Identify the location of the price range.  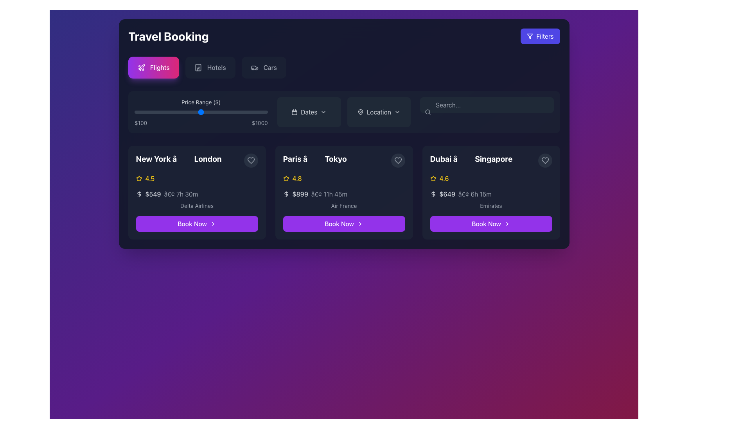
(138, 112).